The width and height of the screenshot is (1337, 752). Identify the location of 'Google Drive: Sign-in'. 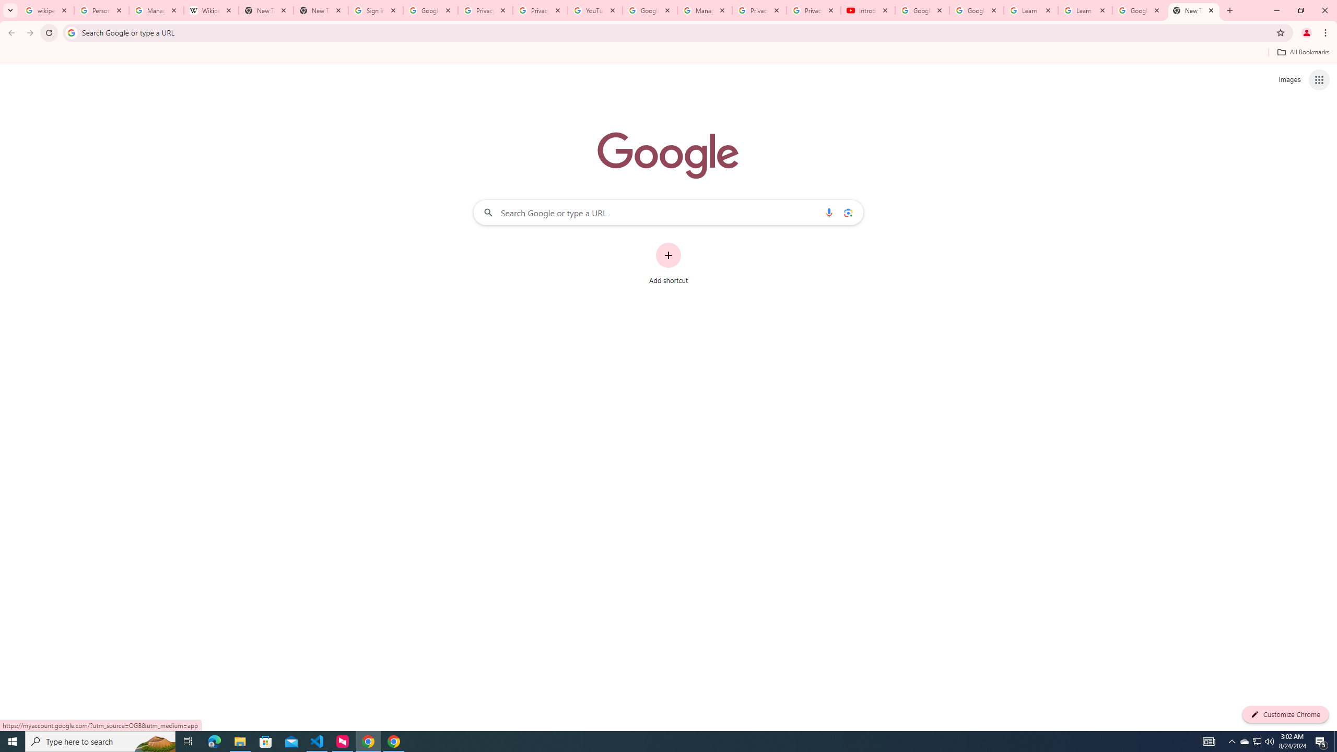
(430, 10).